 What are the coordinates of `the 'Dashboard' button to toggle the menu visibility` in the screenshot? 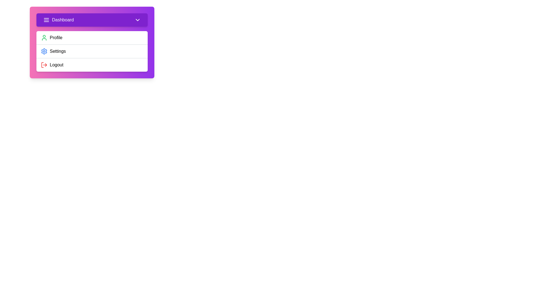 It's located at (92, 20).